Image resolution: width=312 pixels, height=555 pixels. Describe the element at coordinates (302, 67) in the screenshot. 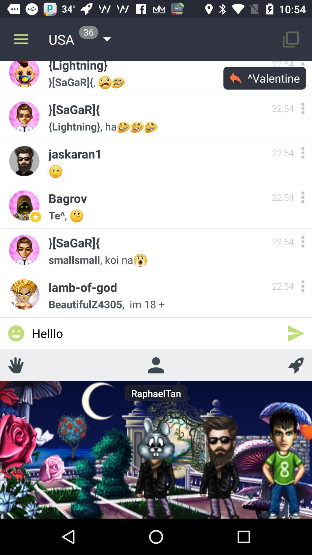

I see `open option menu` at that location.